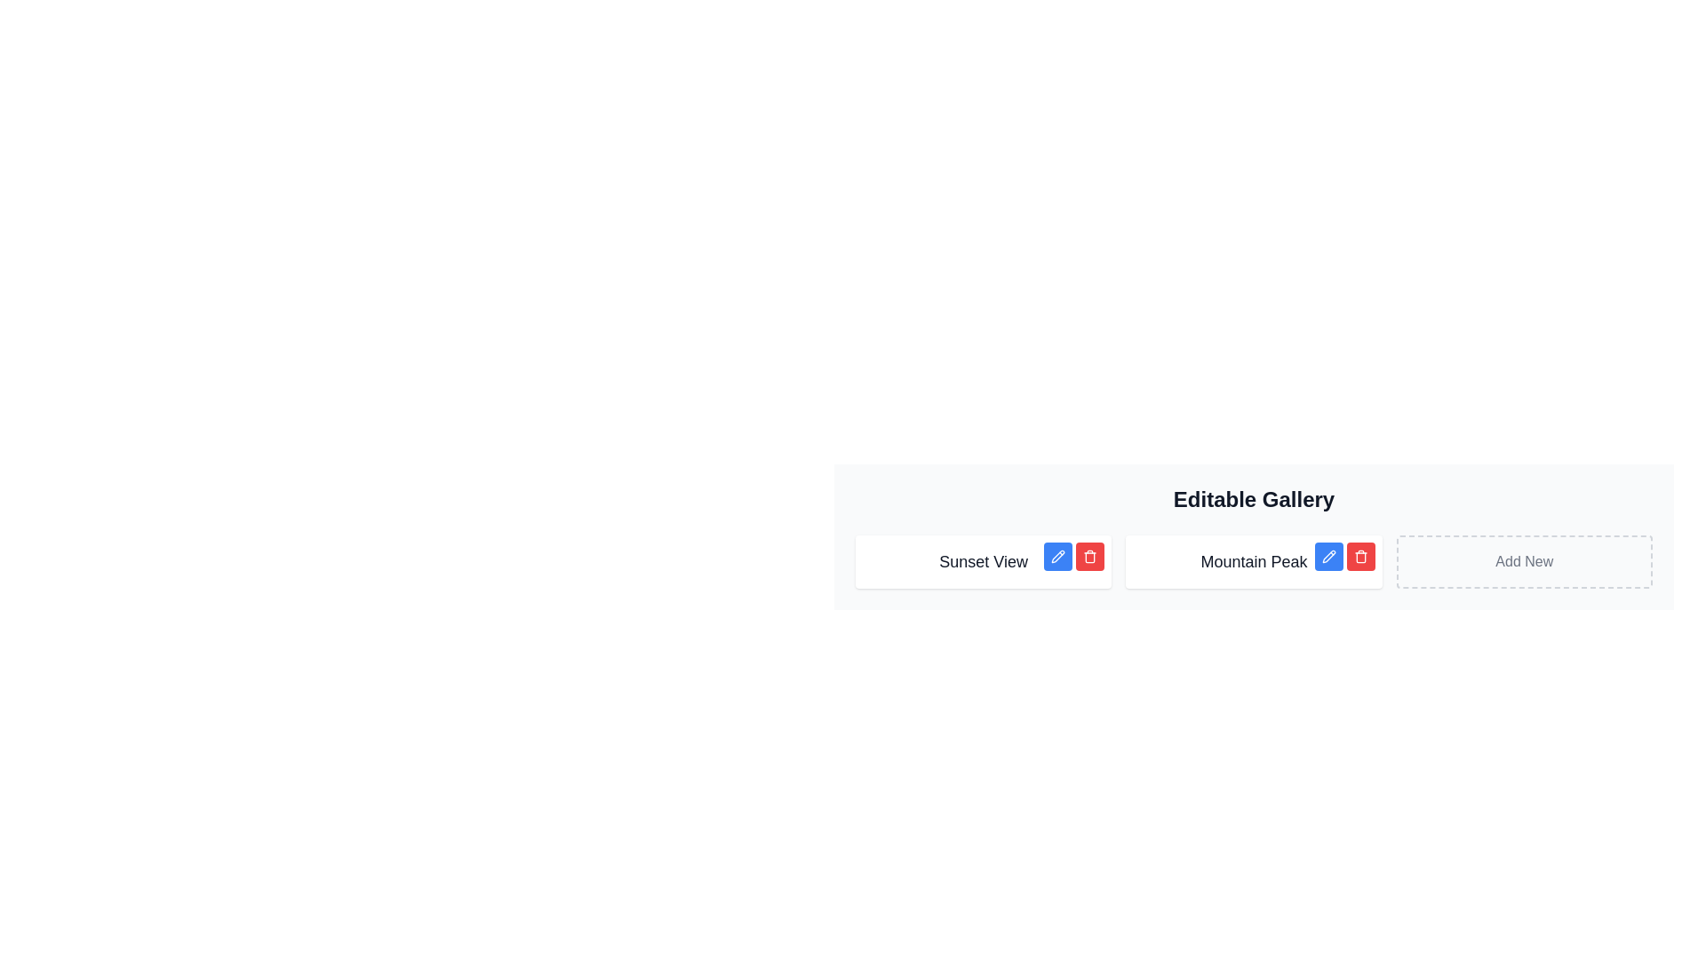 Image resolution: width=1706 pixels, height=959 pixels. Describe the element at coordinates (1328, 556) in the screenshot. I see `the pencil icon within the 'Mountain Peak' button in the Editable Gallery card` at that location.